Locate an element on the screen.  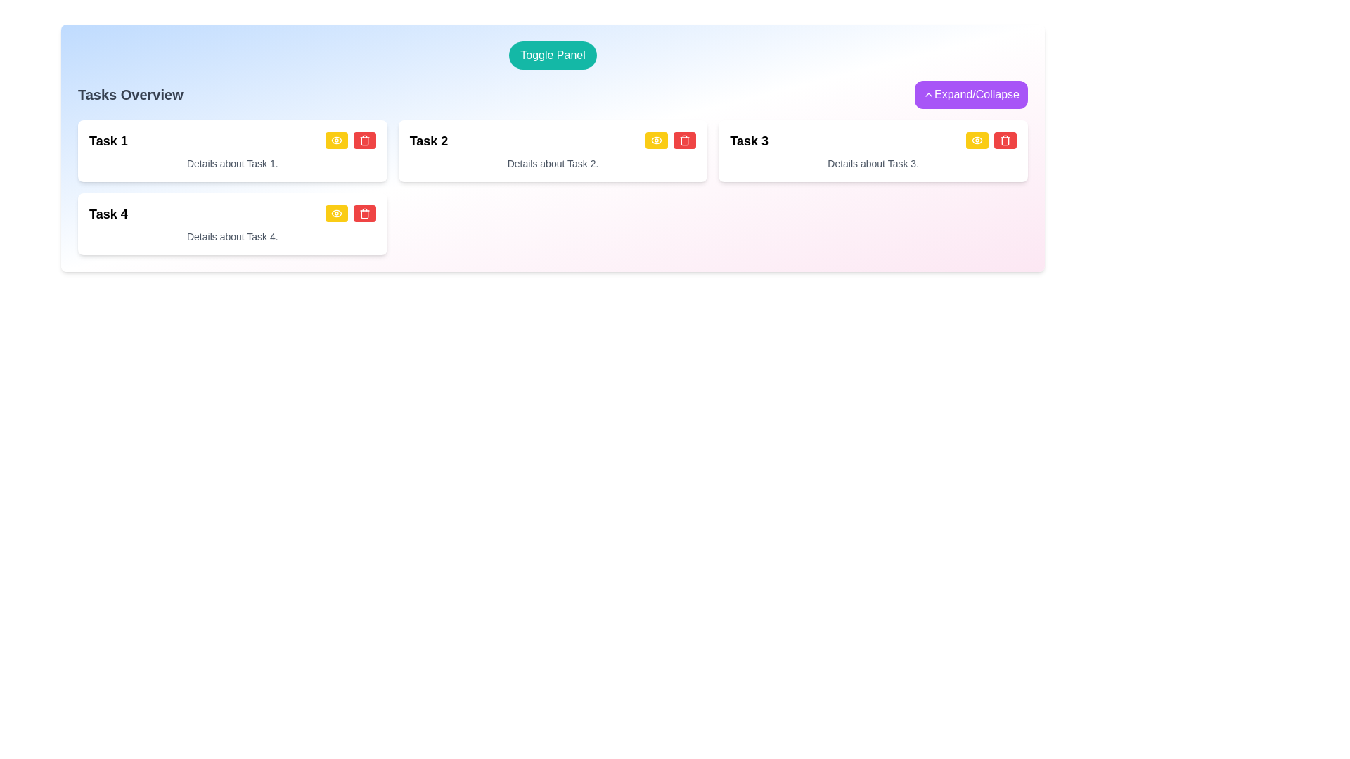
text displayed in the gray font that says 'Details about Task 2.' located beneath the title 'Task 2' in the card layout is located at coordinates (552, 162).